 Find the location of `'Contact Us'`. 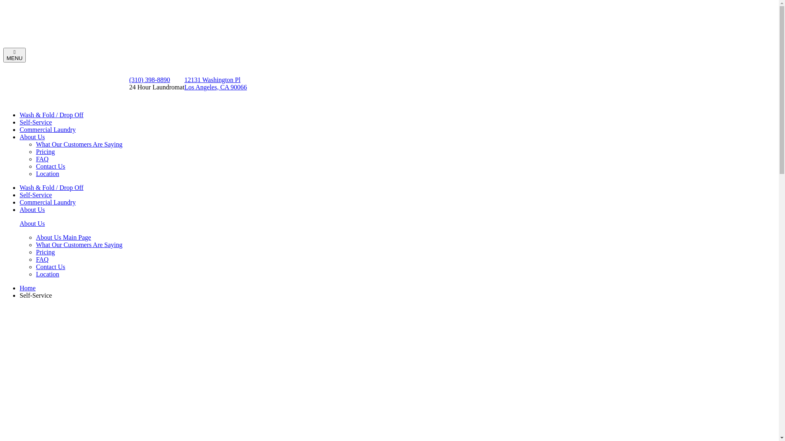

'Contact Us' is located at coordinates (50, 267).